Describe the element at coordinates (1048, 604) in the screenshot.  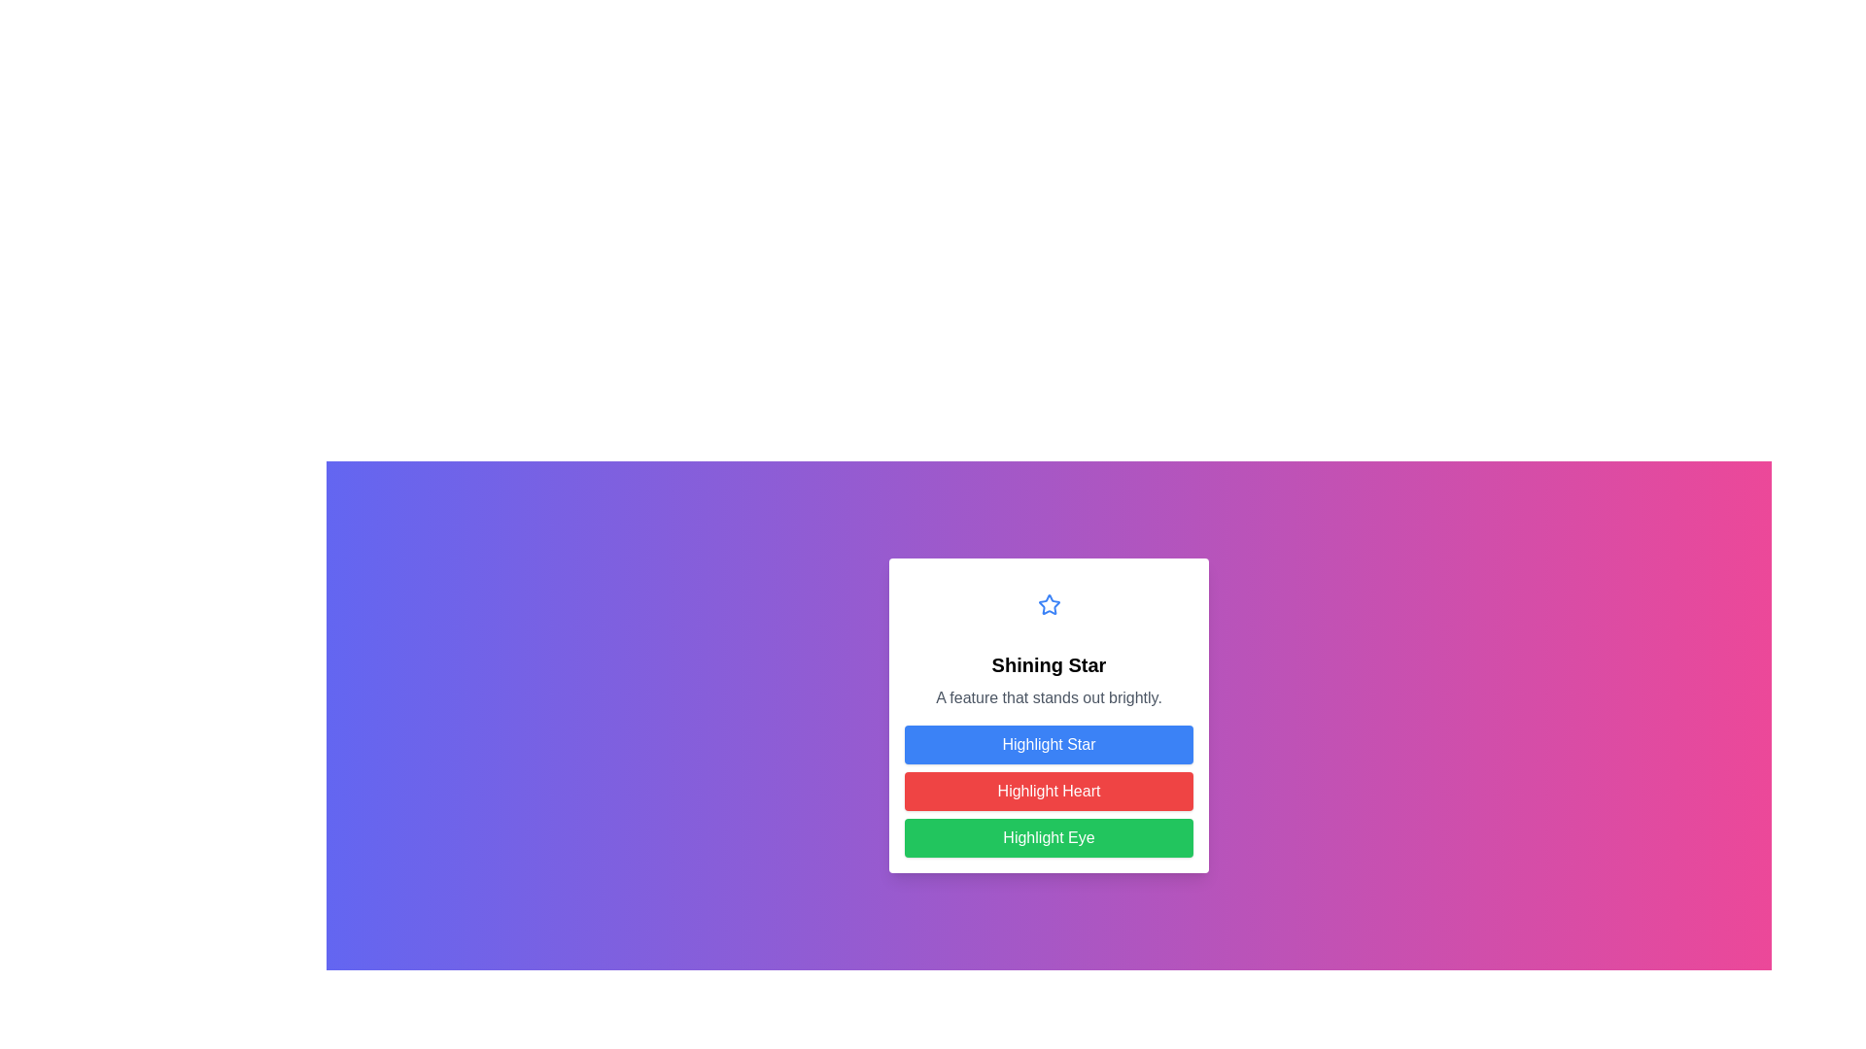
I see `the medium-sized blue outlined star icon located at the top center of the card titled 'Shining Star'` at that location.